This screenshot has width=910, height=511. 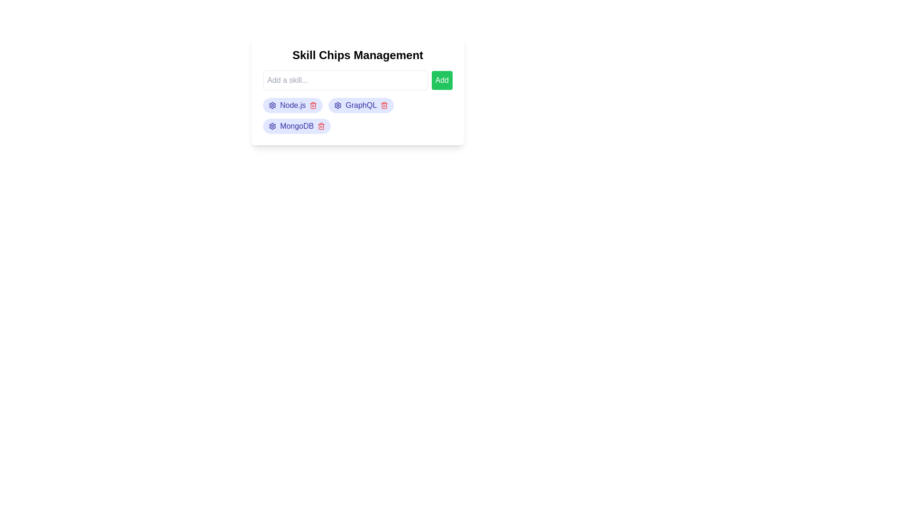 What do you see at coordinates (345, 79) in the screenshot?
I see `the input field and type the desired text` at bounding box center [345, 79].